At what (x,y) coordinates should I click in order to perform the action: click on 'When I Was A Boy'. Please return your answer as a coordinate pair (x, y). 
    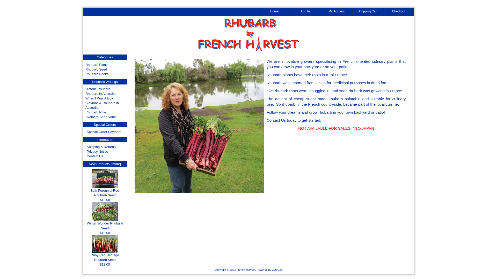
    Looking at the image, I should click on (99, 98).